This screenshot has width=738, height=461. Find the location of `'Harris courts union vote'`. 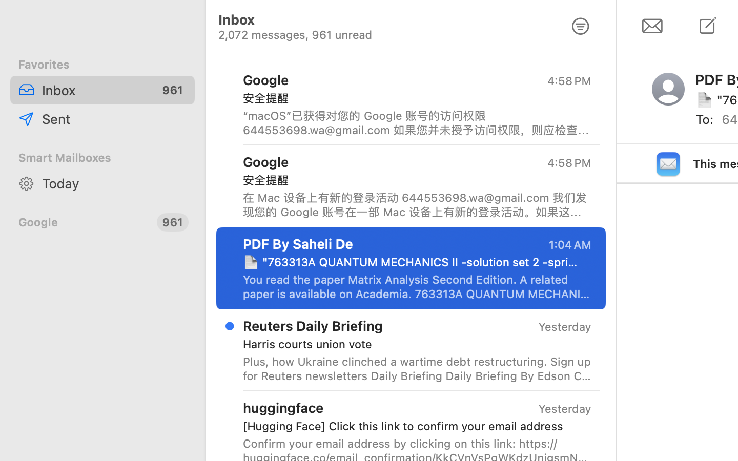

'Harris courts union vote' is located at coordinates (413, 344).